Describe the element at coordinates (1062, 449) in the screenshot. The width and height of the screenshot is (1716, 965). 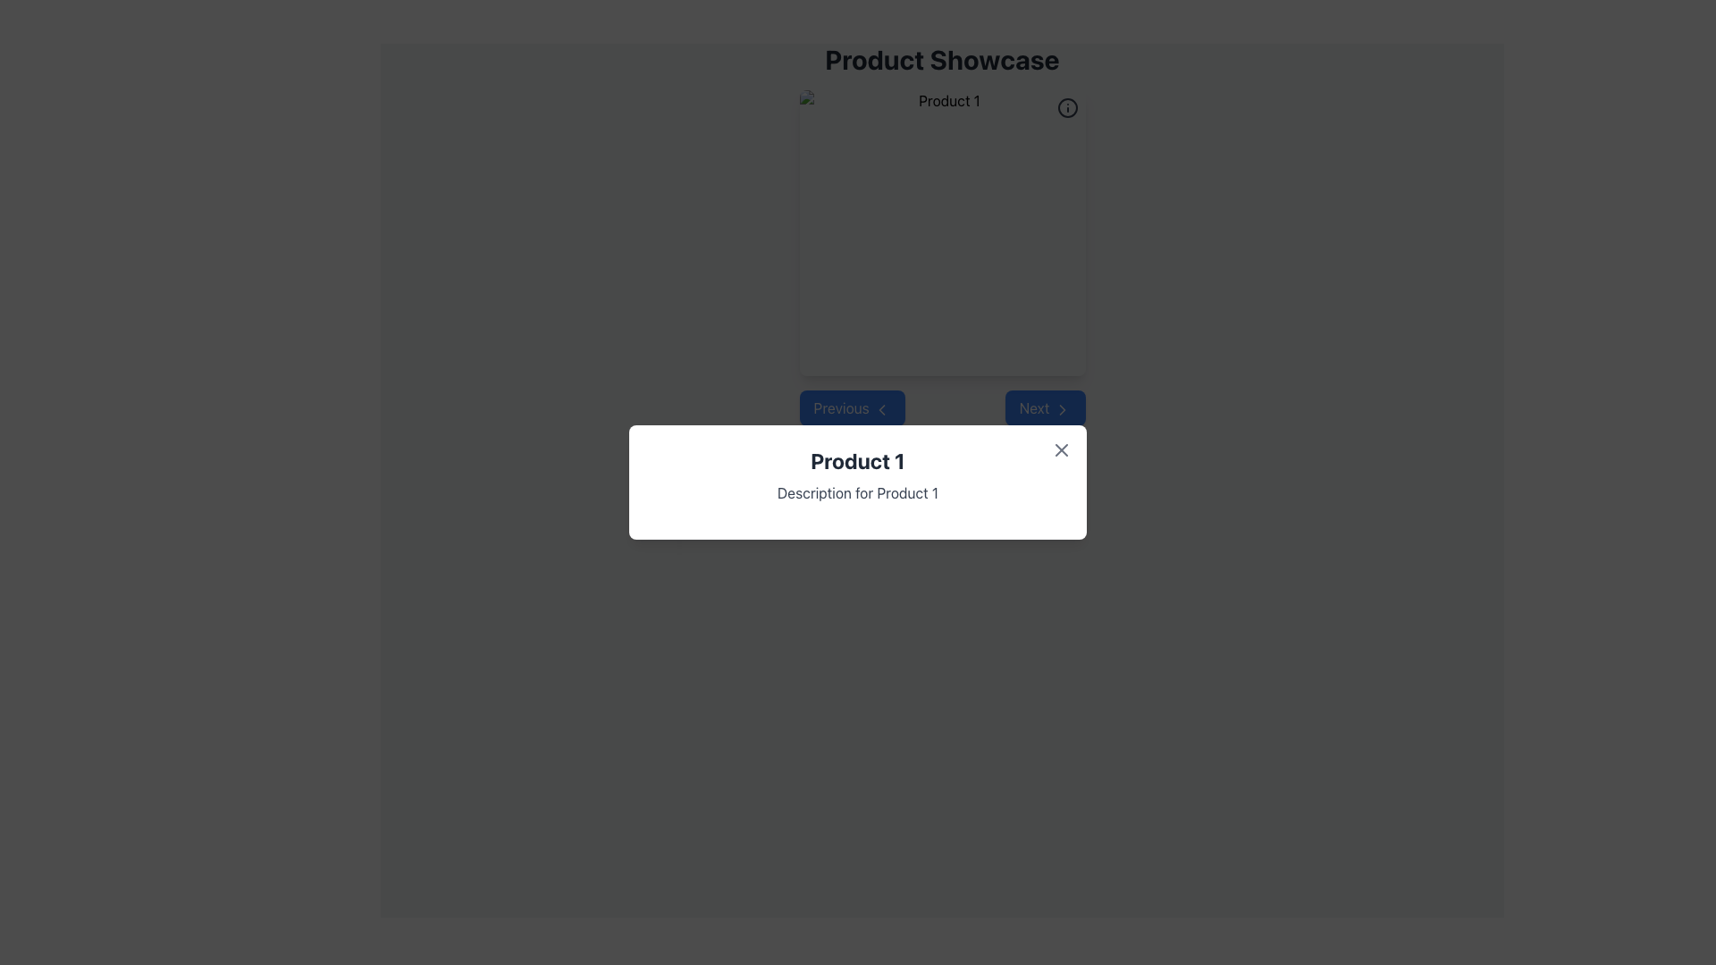
I see `the small square close button featuring a gray 'X' icon to change its color` at that location.